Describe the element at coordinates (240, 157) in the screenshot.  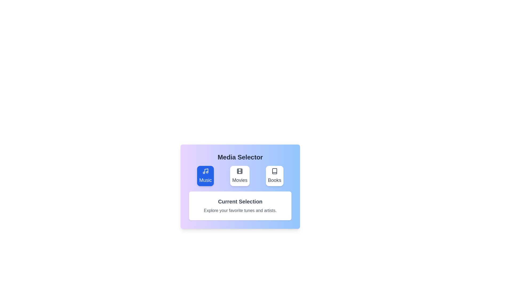
I see `the title 'Media Selector' which is displayed in a bold and large font, centered horizontally with a dark gray color against a gradient background` at that location.